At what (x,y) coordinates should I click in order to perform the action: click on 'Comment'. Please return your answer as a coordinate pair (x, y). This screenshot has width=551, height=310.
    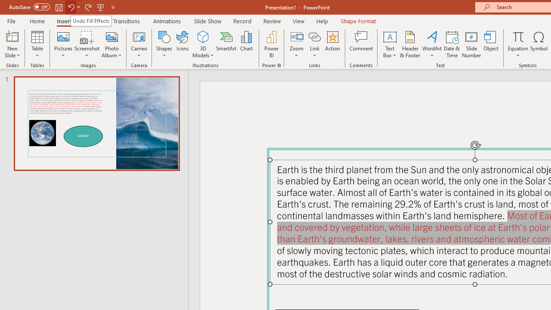
    Looking at the image, I should click on (361, 44).